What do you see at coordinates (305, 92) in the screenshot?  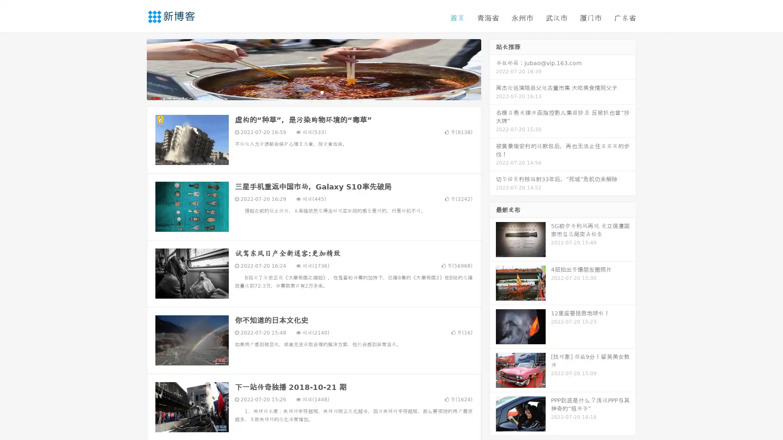 I see `Go to slide 1` at bounding box center [305, 92].